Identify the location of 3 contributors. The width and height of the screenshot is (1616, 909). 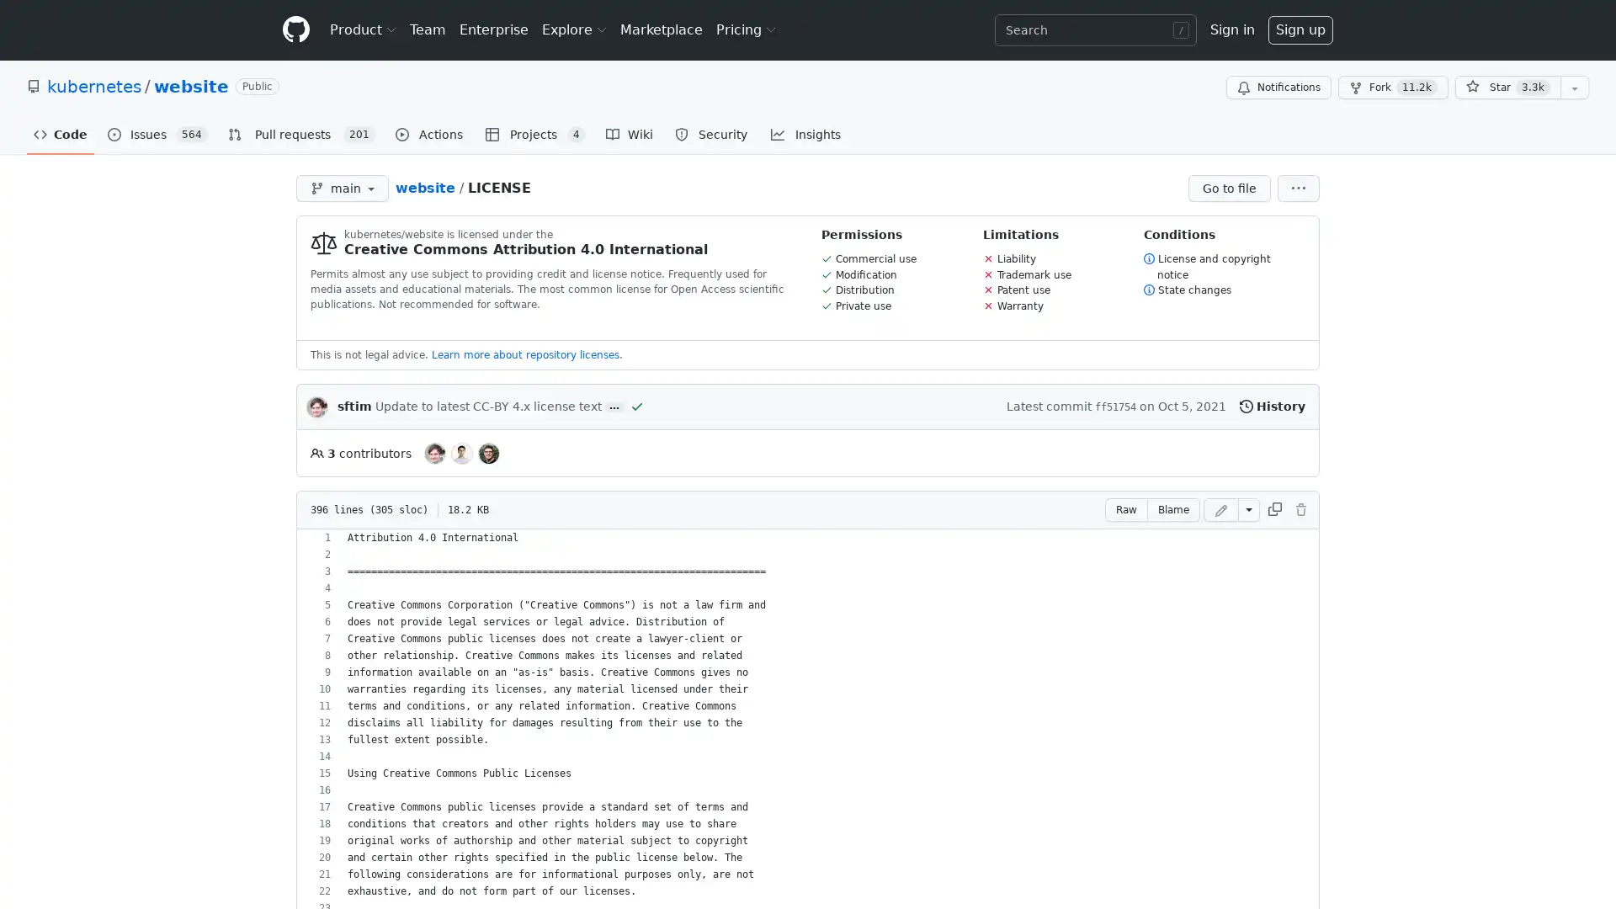
(359, 452).